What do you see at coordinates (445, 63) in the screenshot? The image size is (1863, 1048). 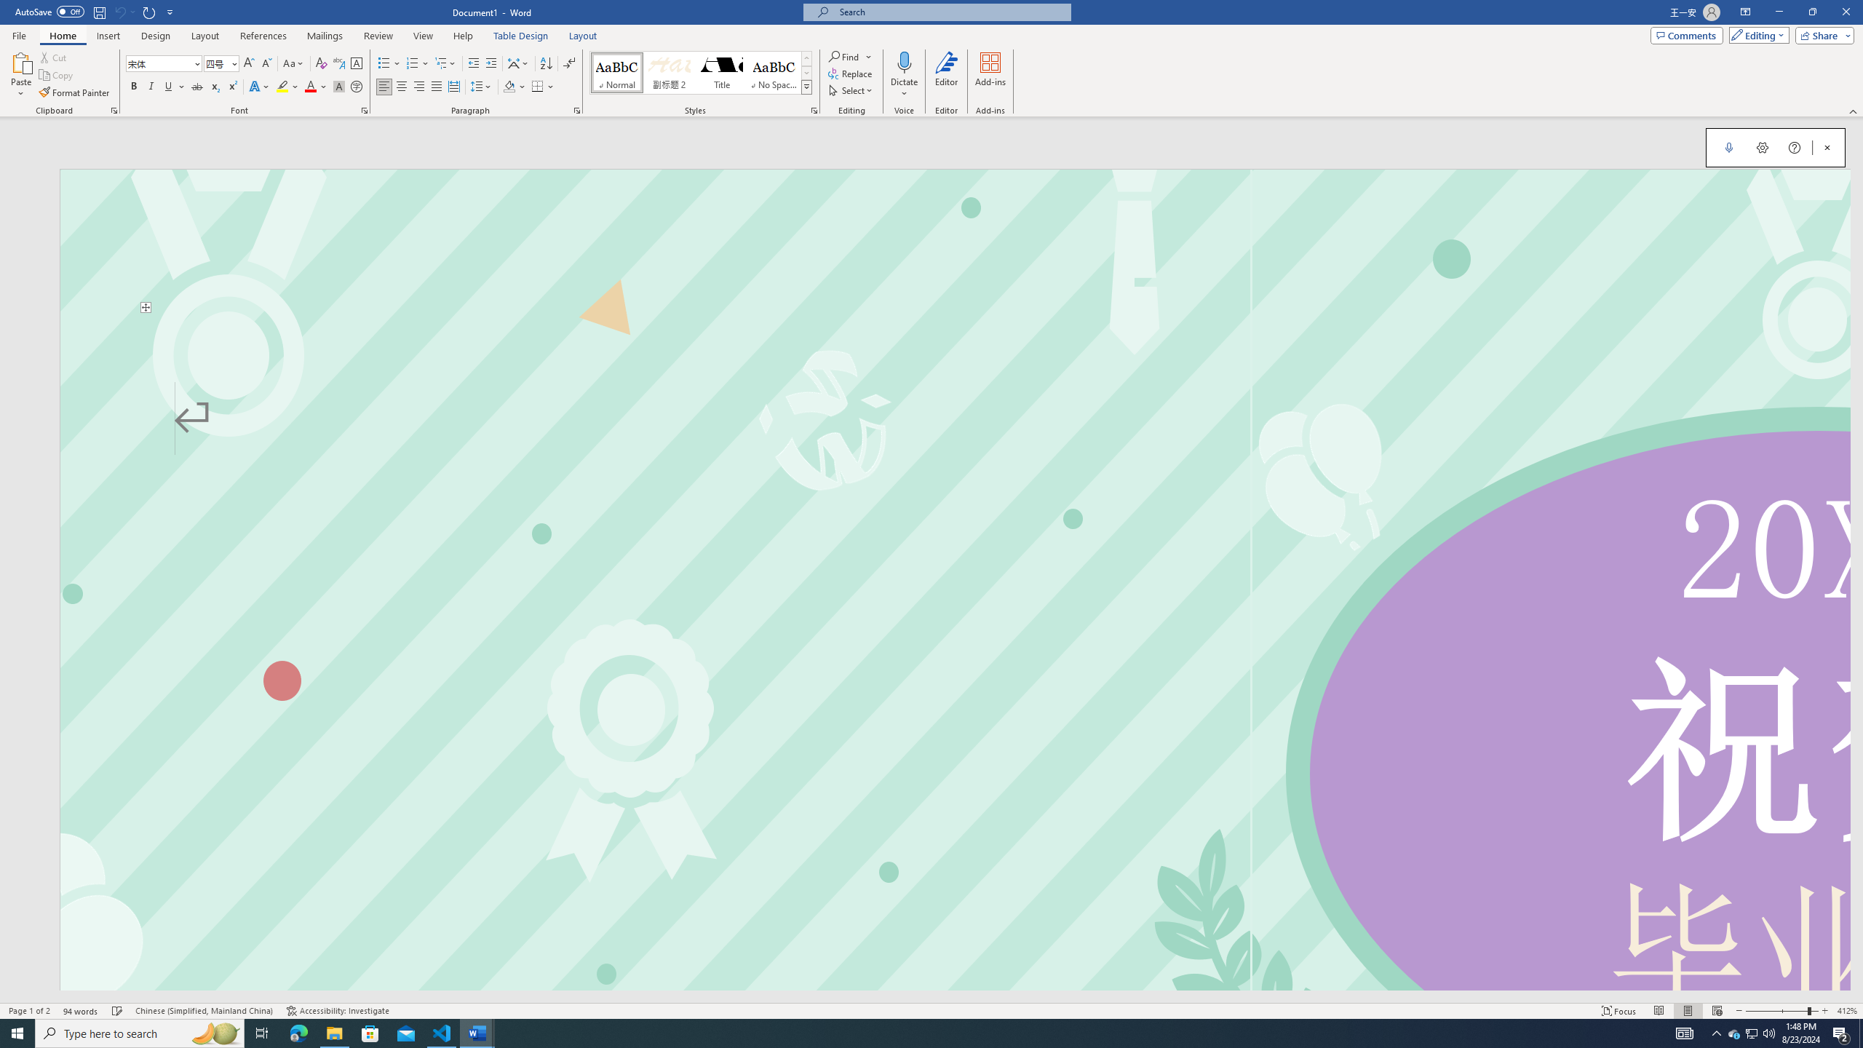 I see `'Multilevel List'` at bounding box center [445, 63].